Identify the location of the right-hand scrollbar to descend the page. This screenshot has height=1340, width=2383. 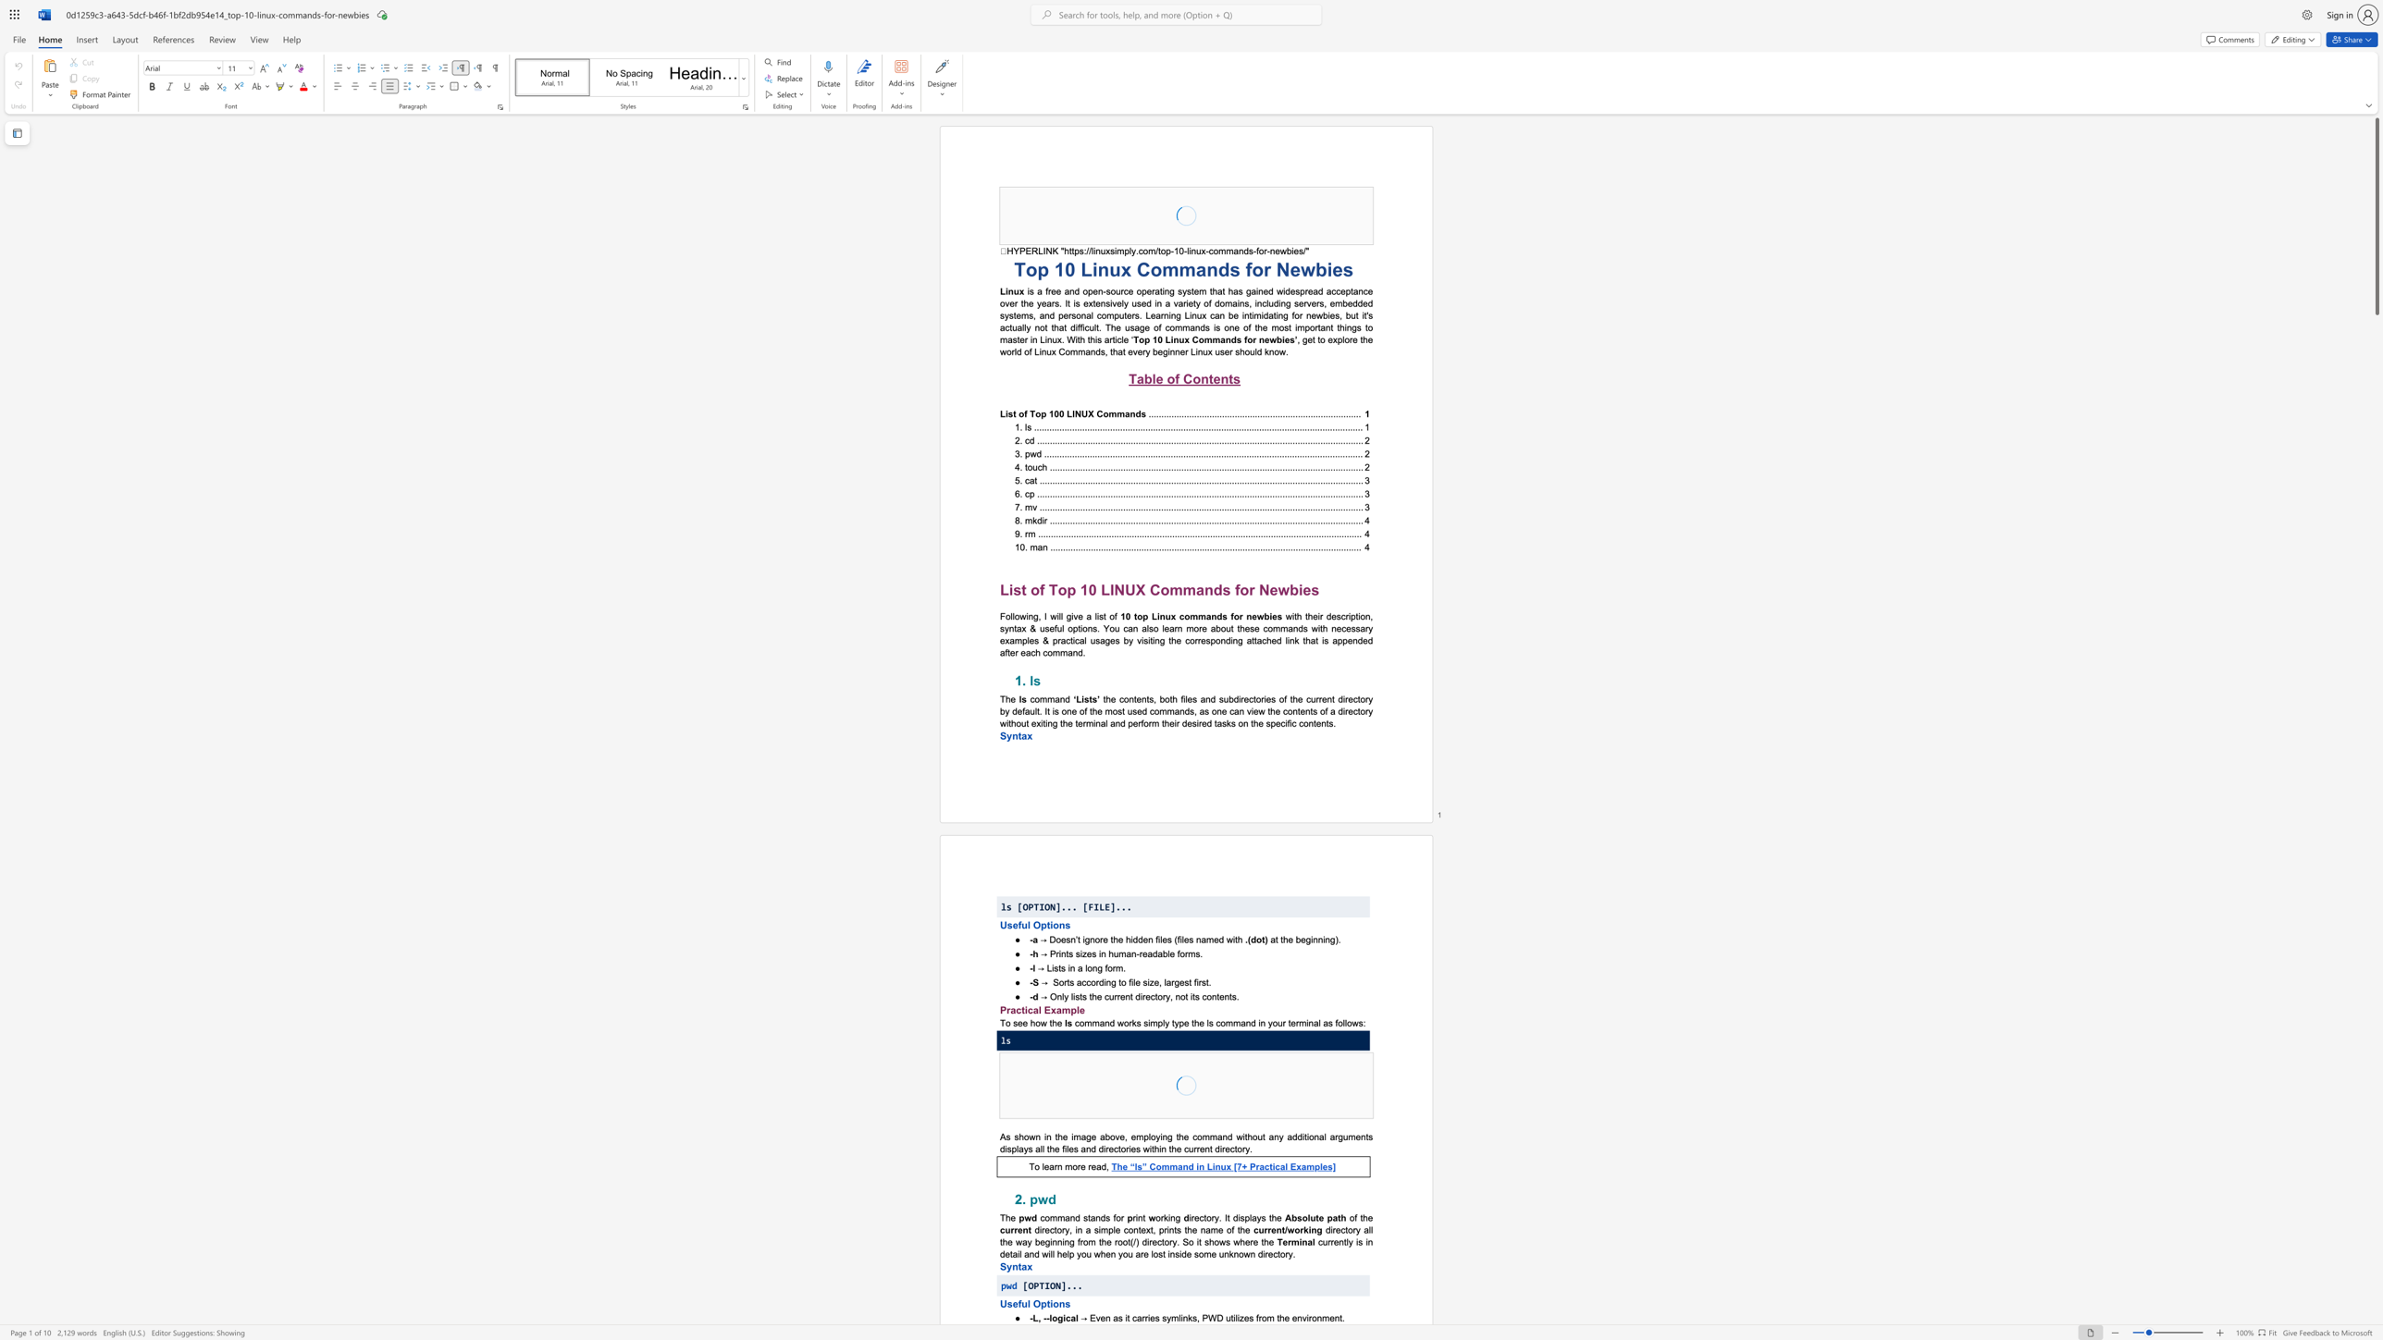
(2376, 520).